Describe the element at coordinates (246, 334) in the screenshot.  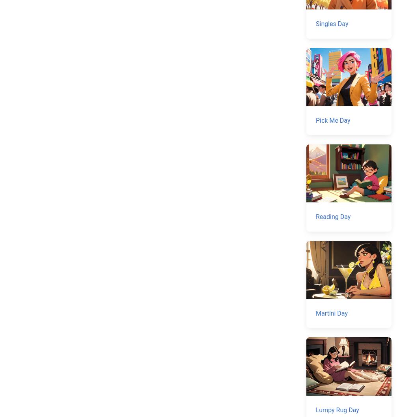
I see `'Privacy Policy'` at that location.